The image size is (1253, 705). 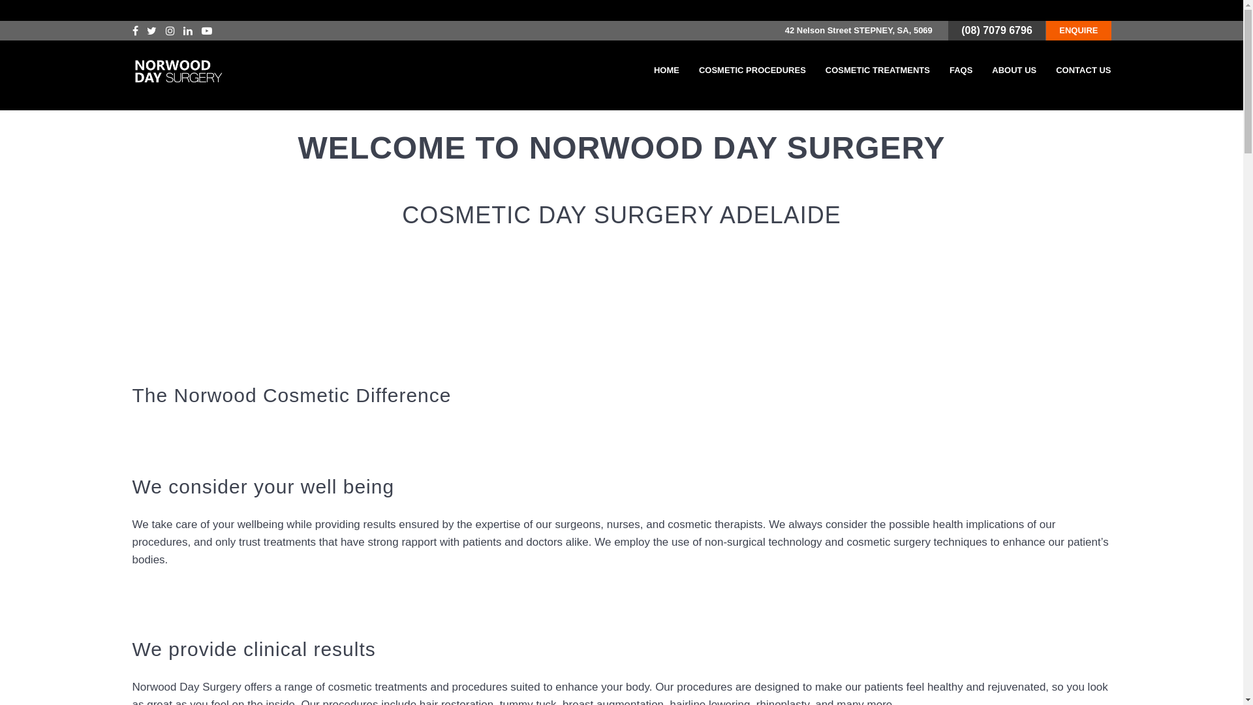 I want to click on 'COSMETIC TREATMENTS', so click(x=877, y=70).